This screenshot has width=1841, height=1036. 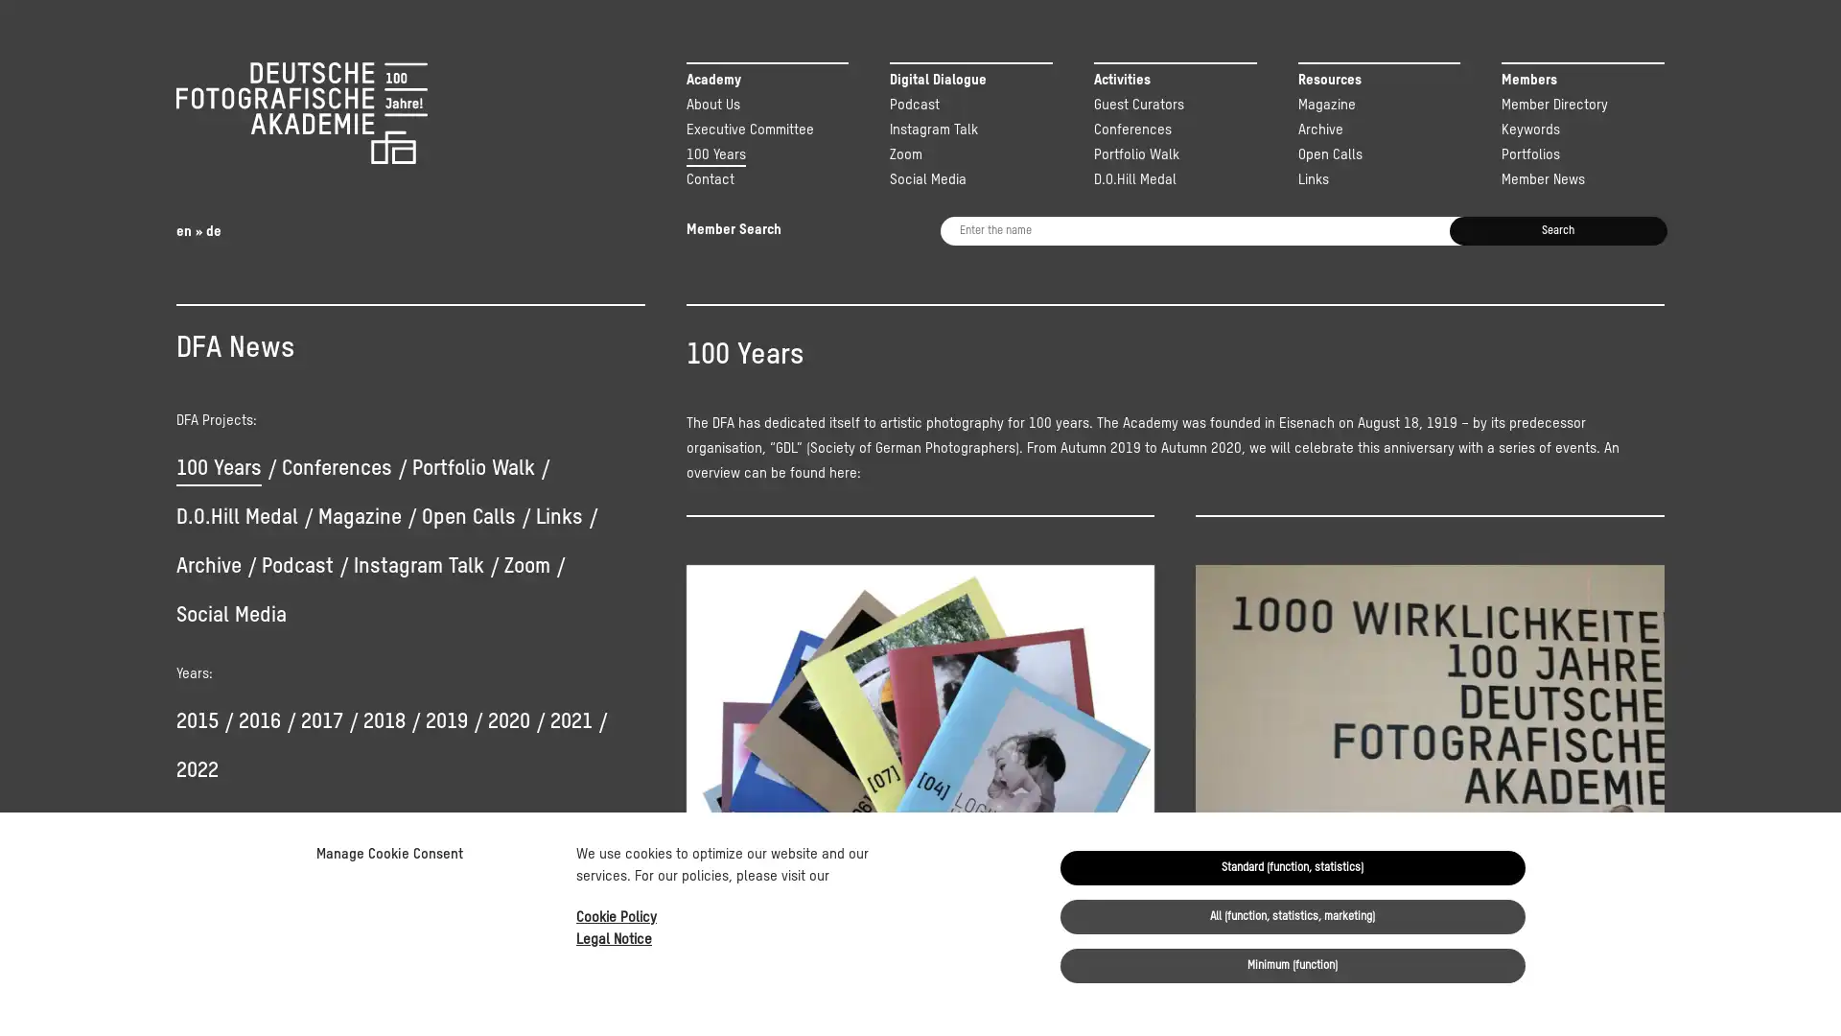 I want to click on Minimum (function), so click(x=1292, y=965).